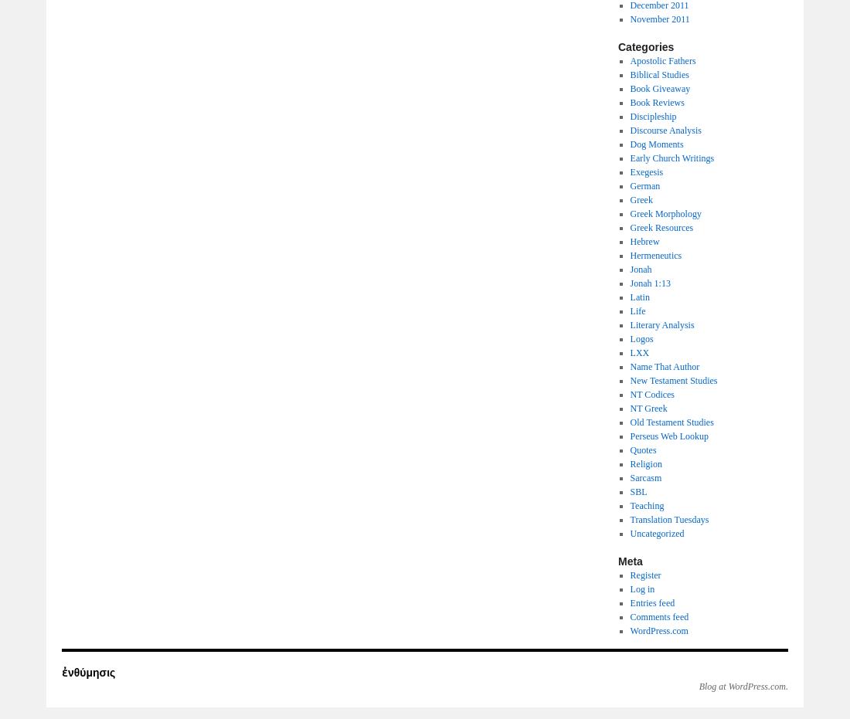 This screenshot has width=850, height=719. I want to click on 'Teaching', so click(645, 505).